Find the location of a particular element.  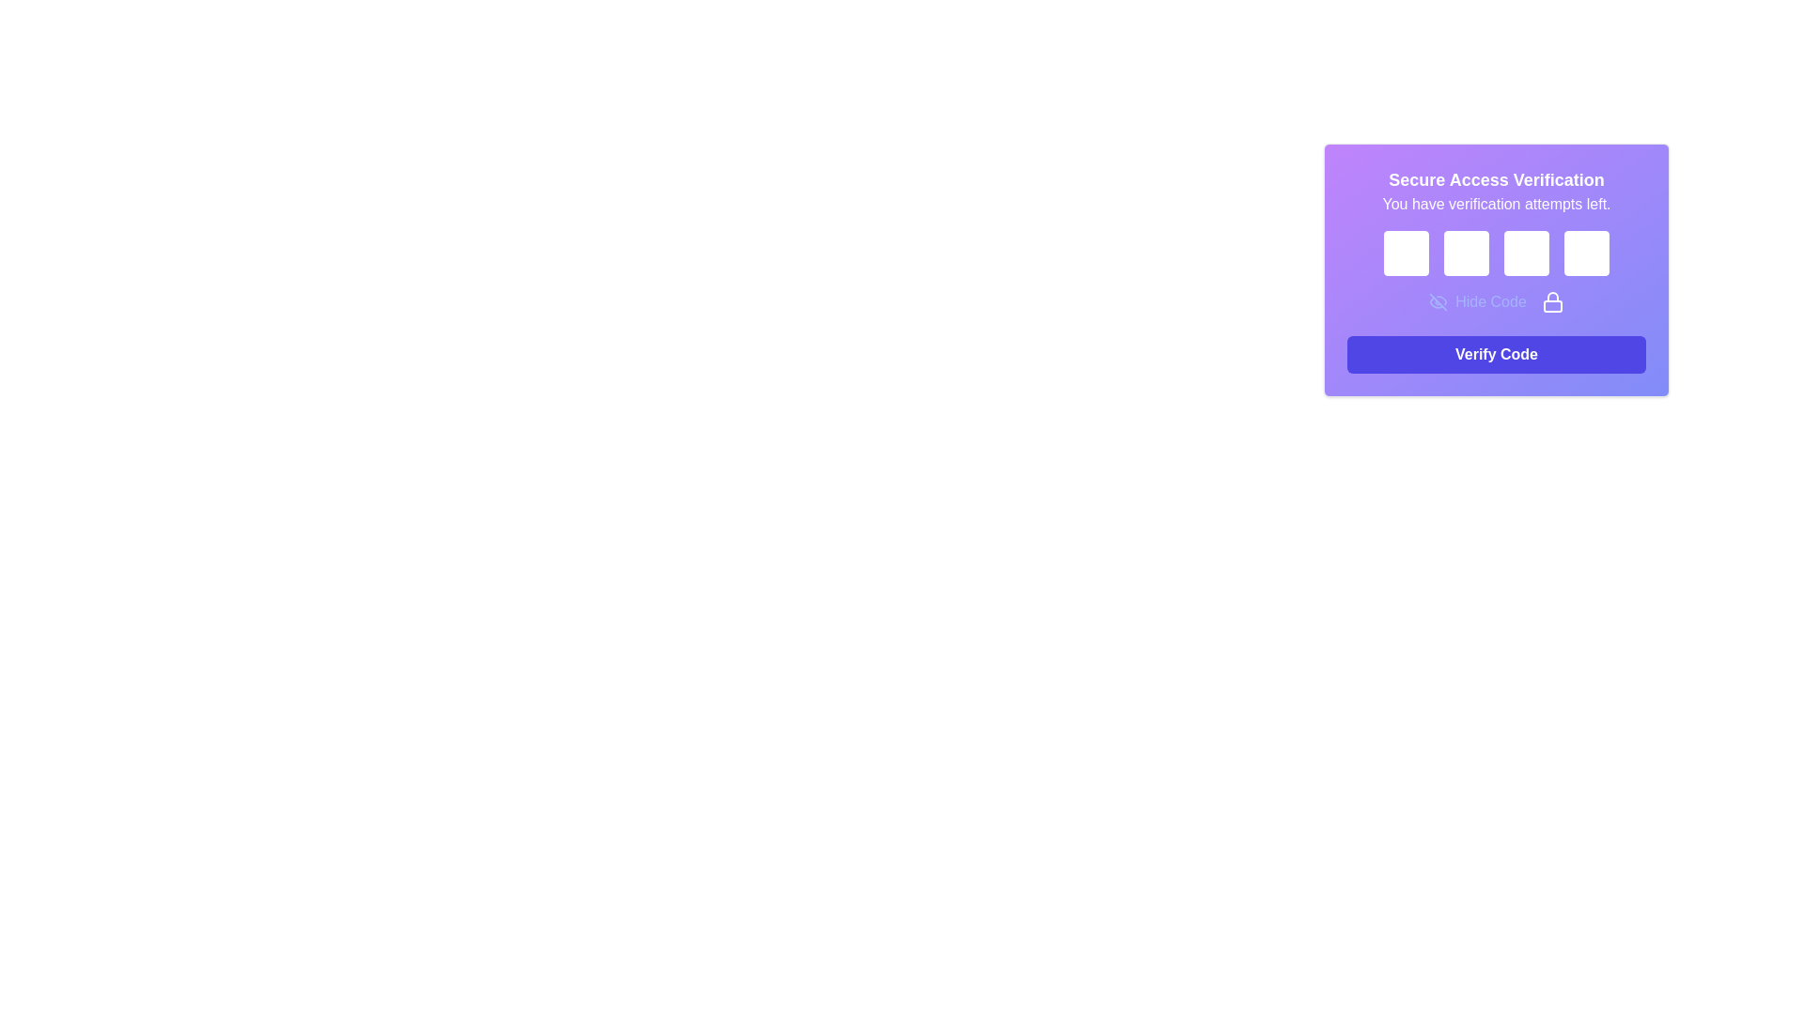

the icon located directly to the left of the 'Hide Code' text, which toggles the visibility of sensitive information is located at coordinates (1438, 300).